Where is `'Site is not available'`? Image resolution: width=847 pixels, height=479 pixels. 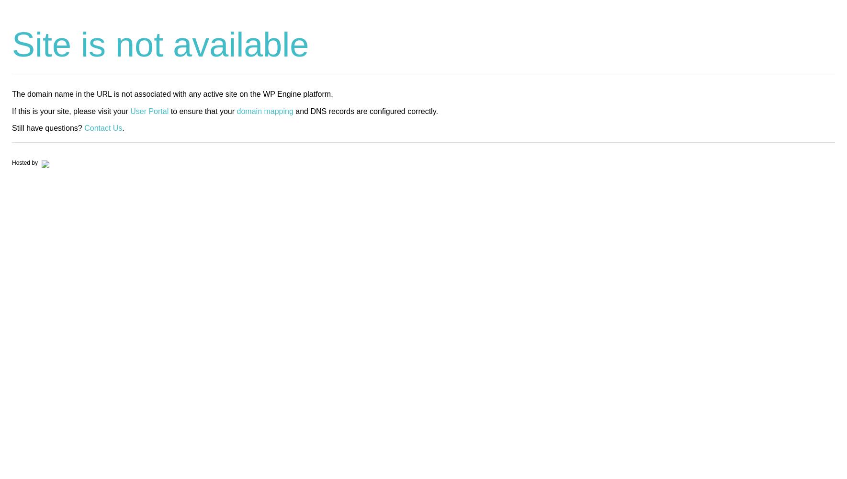
'Site is not available' is located at coordinates (11, 44).